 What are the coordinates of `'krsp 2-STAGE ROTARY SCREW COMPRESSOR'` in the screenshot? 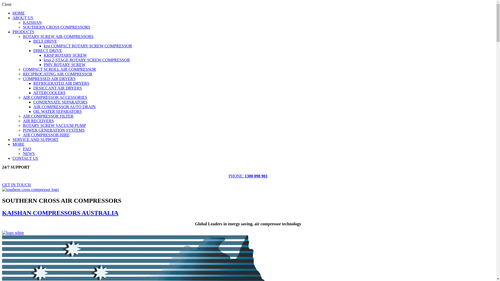 It's located at (87, 60).